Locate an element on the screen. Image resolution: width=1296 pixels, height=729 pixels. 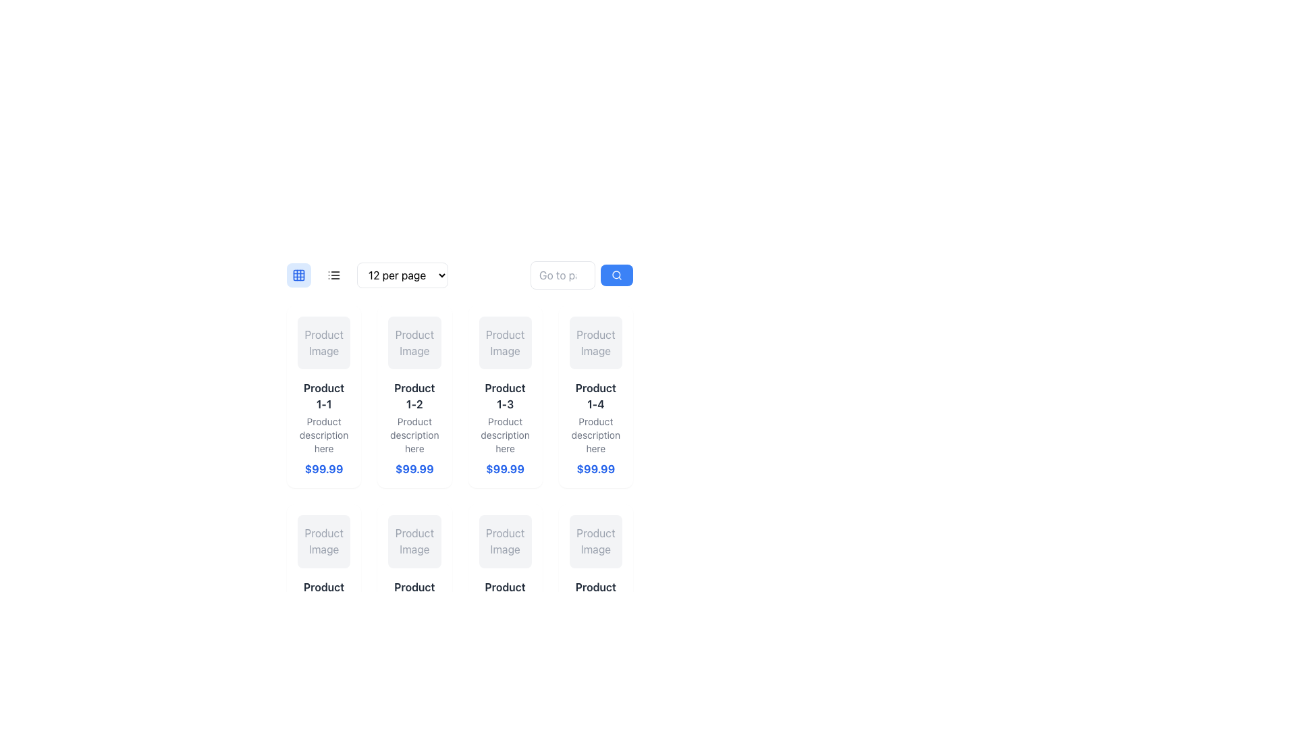
the static text element located in the second column under 'Product 1-2', which is above the price '$99.99' is located at coordinates (414, 435).